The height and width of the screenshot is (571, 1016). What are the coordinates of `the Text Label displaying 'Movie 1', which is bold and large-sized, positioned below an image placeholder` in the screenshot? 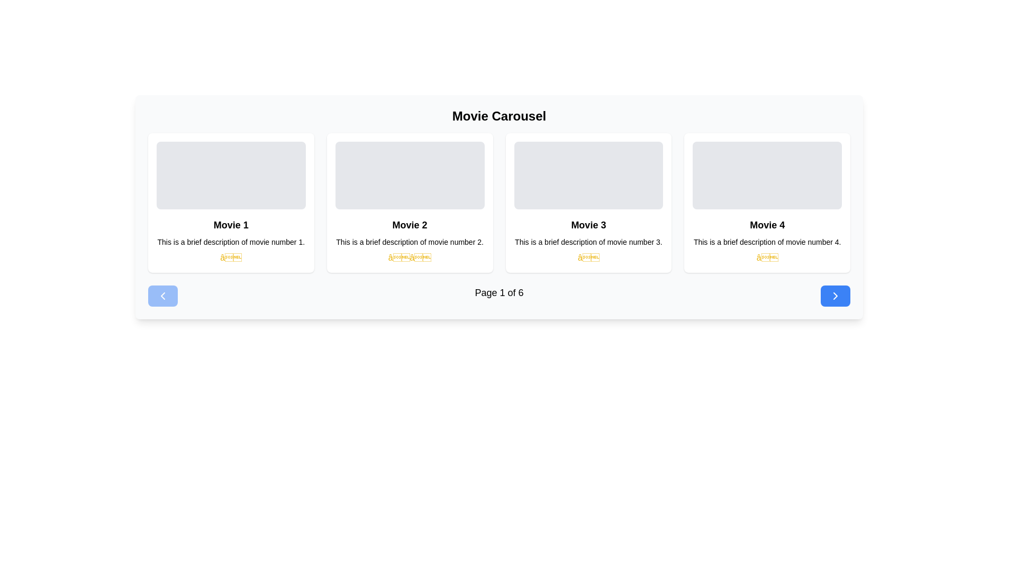 It's located at (230, 224).